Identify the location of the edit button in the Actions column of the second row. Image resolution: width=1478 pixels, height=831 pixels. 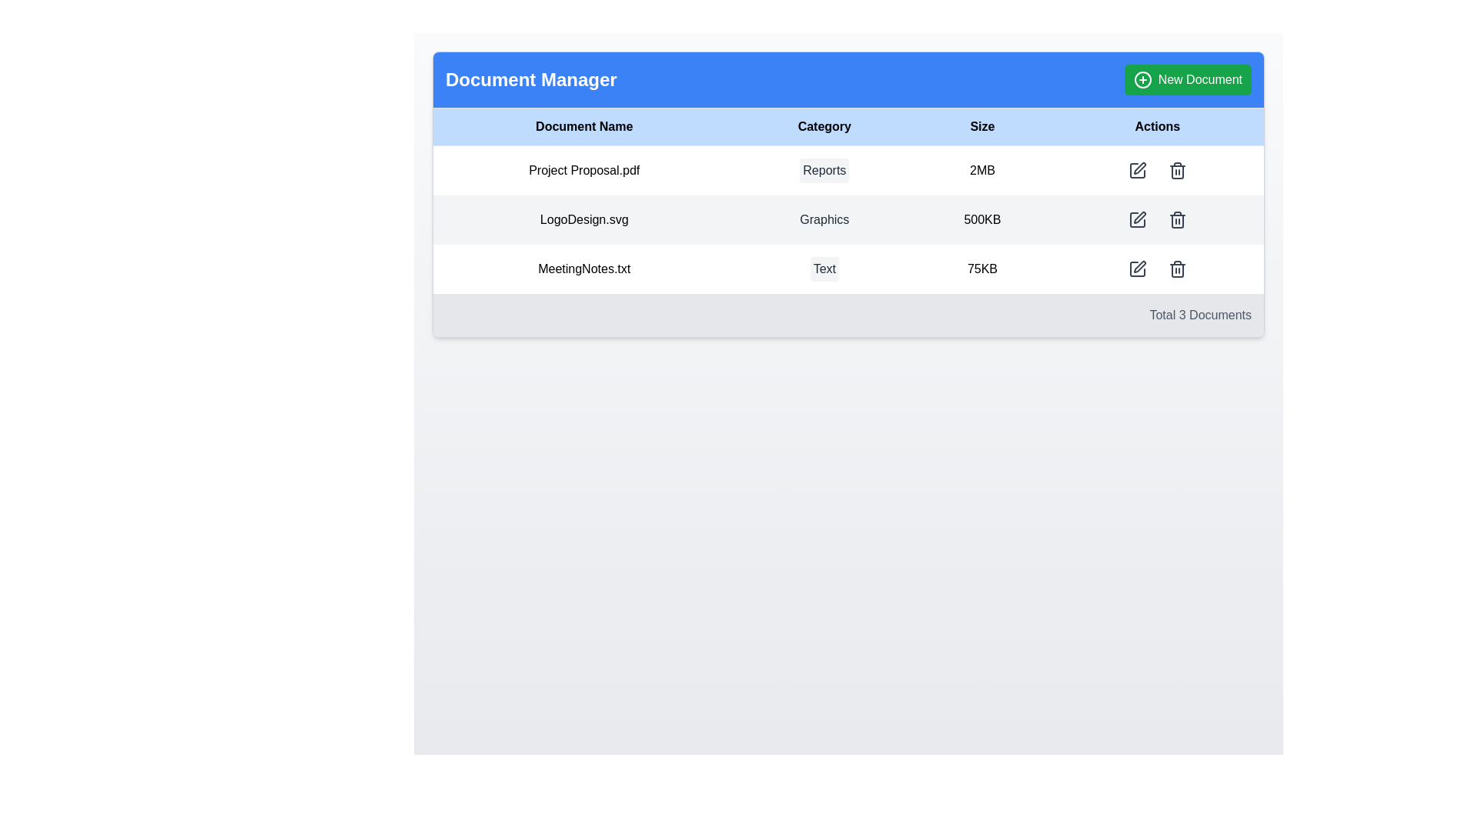
(1137, 219).